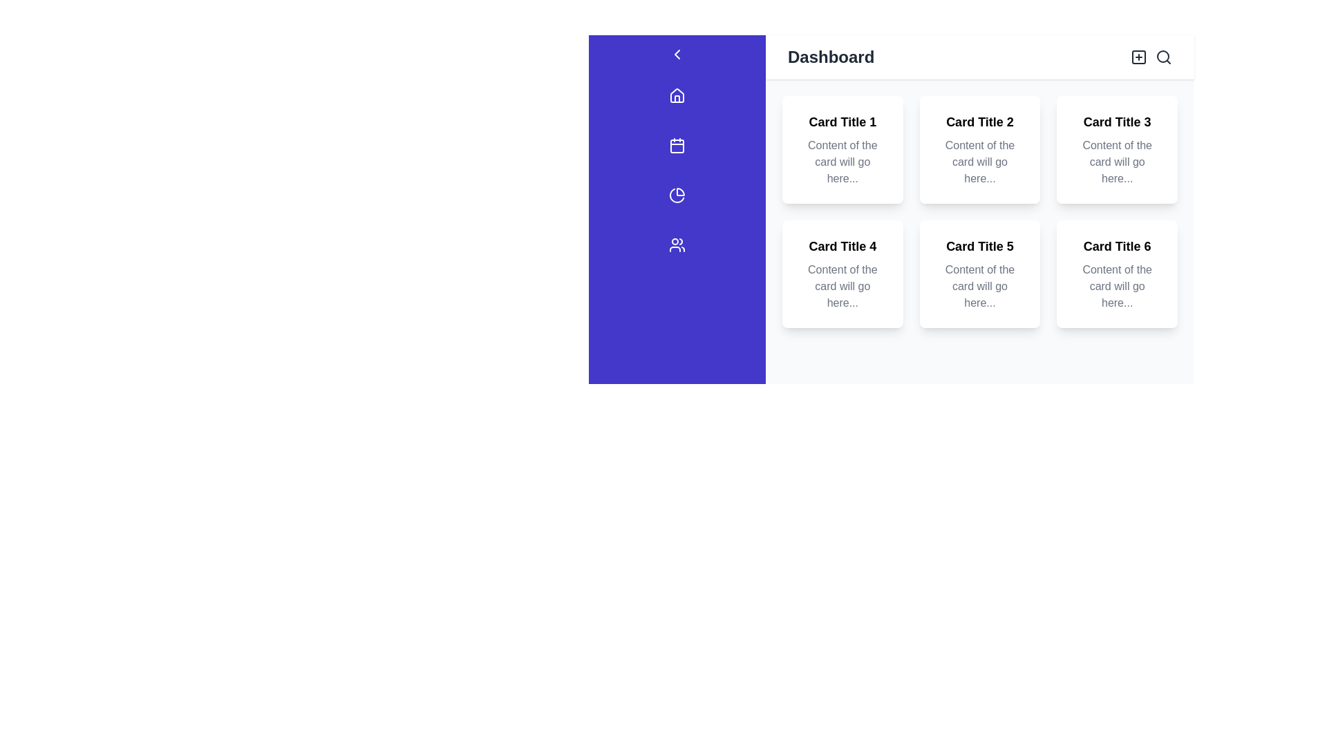 The image size is (1327, 746). Describe the element at coordinates (979, 162) in the screenshot. I see `the static text element located below the title of 'Card Title 2' in the second card of the 3x2 grid layout` at that location.